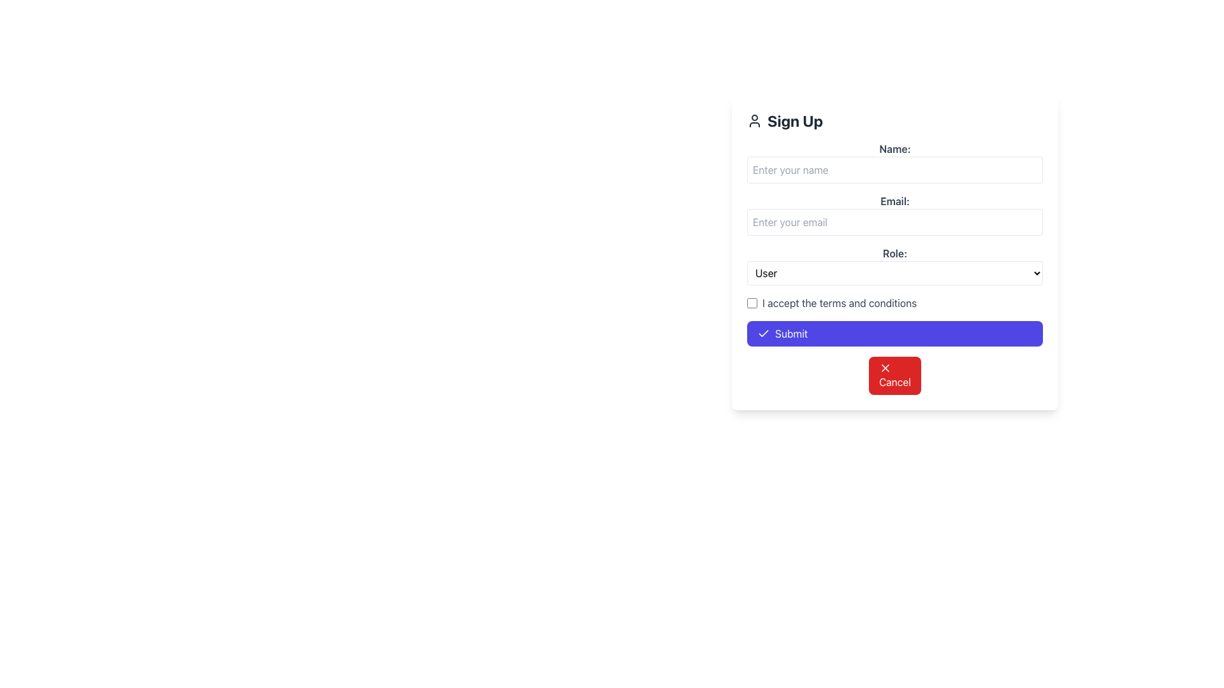 The height and width of the screenshot is (688, 1224). What do you see at coordinates (885, 368) in the screenshot?
I see `the SVG icon that signifies the cancellation function located inside the 'Cancel' button adjacent to the 'Submit' button at the bottom of the form interface` at bounding box center [885, 368].